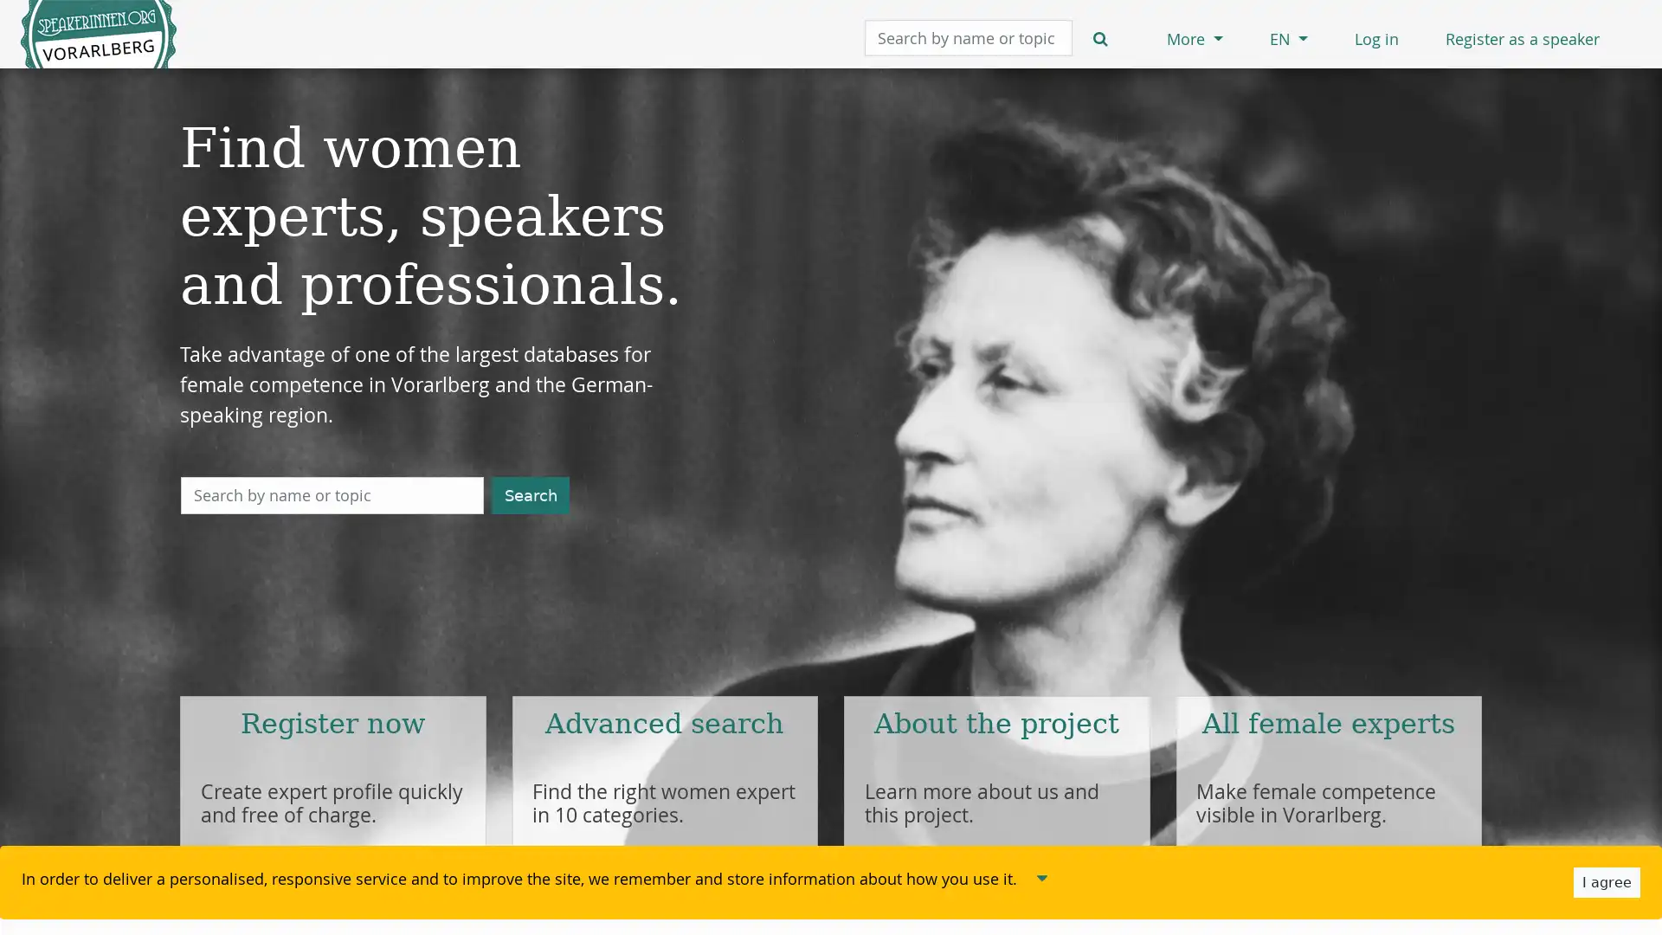 This screenshot has height=935, width=1662. What do you see at coordinates (530, 494) in the screenshot?
I see `Search` at bounding box center [530, 494].